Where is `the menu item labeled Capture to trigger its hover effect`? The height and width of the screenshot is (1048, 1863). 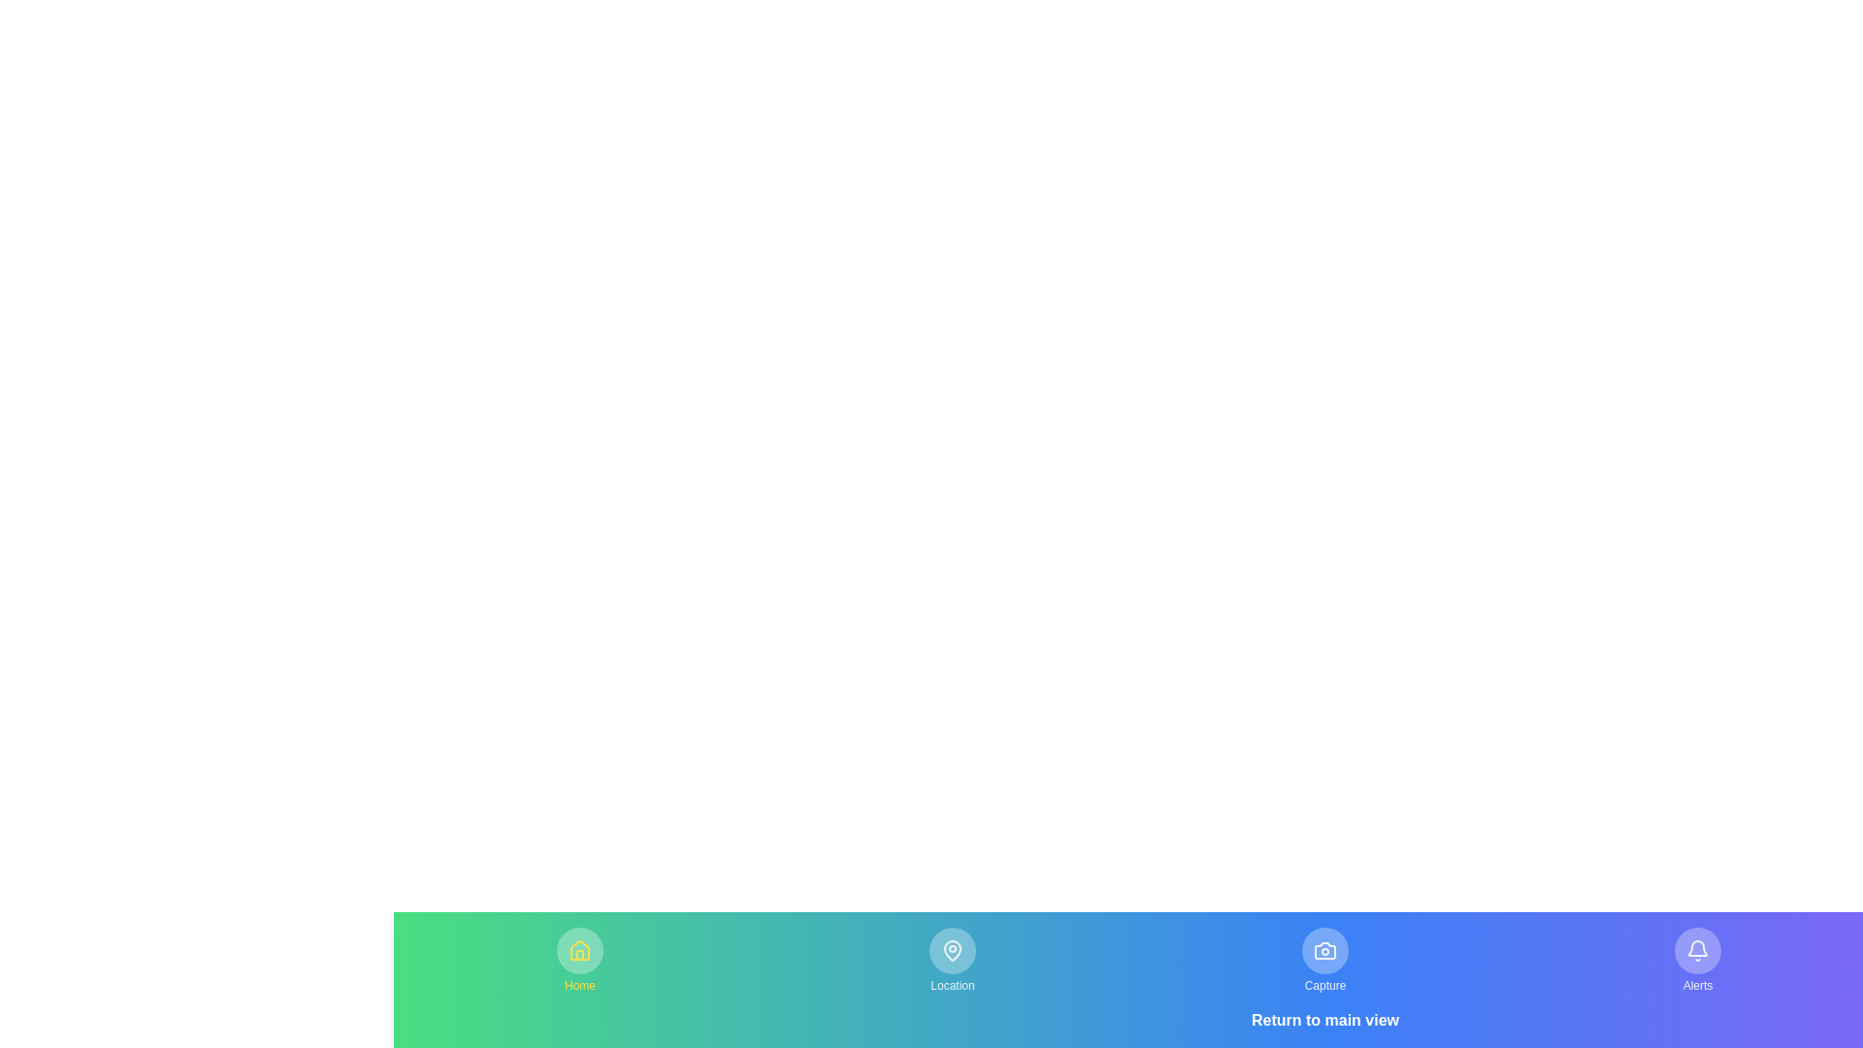 the menu item labeled Capture to trigger its hover effect is located at coordinates (1324, 961).